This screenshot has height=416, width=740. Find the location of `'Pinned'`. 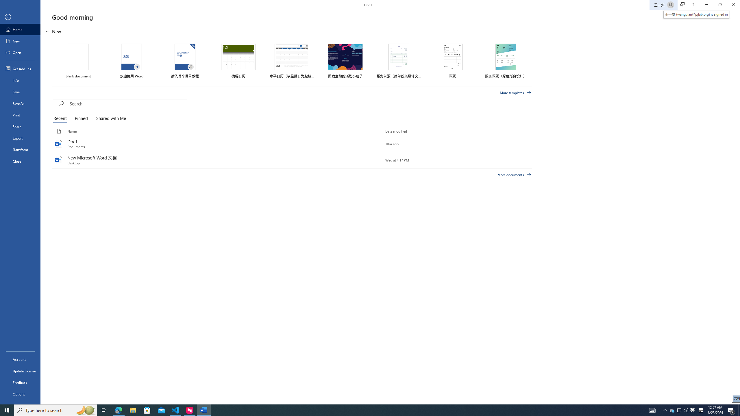

'Pinned' is located at coordinates (81, 118).